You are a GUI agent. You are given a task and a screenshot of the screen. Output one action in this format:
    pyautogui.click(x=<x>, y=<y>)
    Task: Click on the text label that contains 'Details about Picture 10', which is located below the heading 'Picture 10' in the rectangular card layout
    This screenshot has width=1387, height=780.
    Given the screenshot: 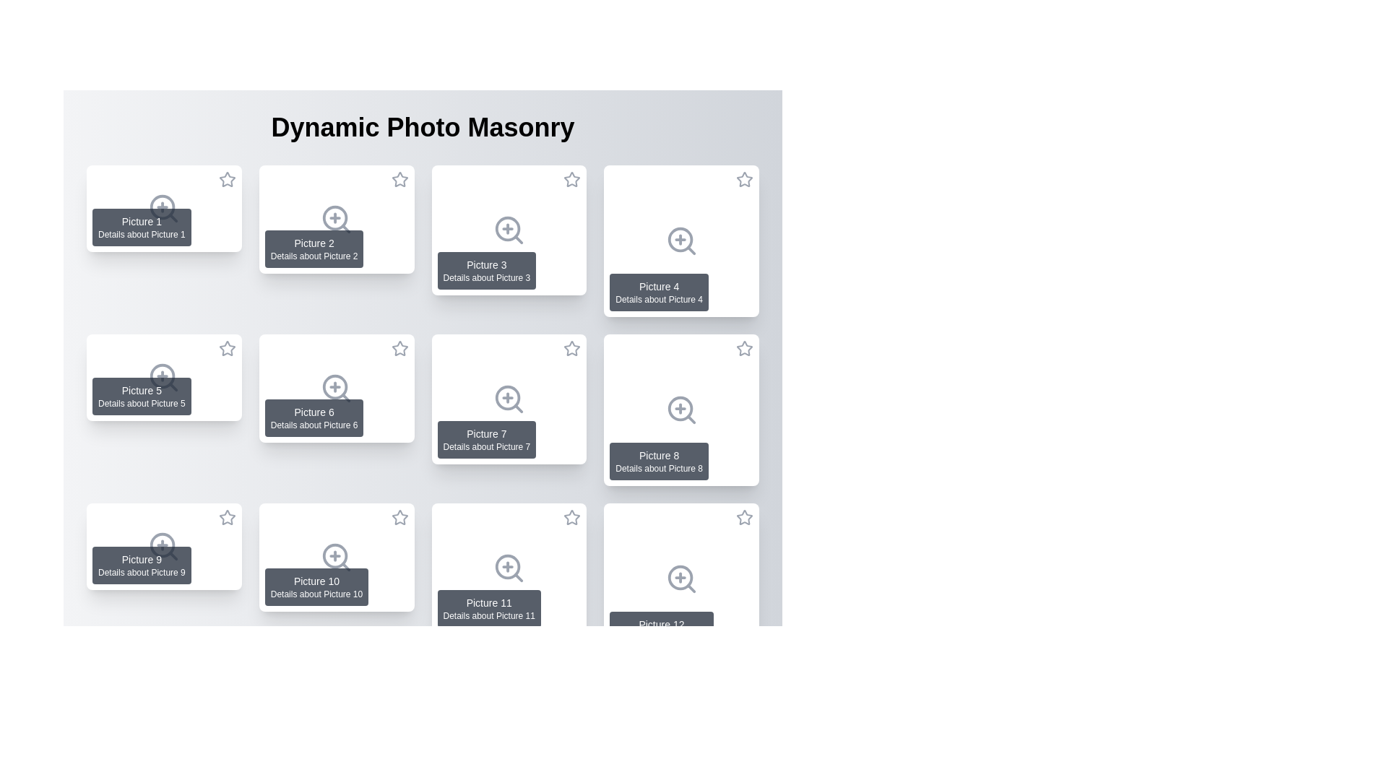 What is the action you would take?
    pyautogui.click(x=316, y=594)
    